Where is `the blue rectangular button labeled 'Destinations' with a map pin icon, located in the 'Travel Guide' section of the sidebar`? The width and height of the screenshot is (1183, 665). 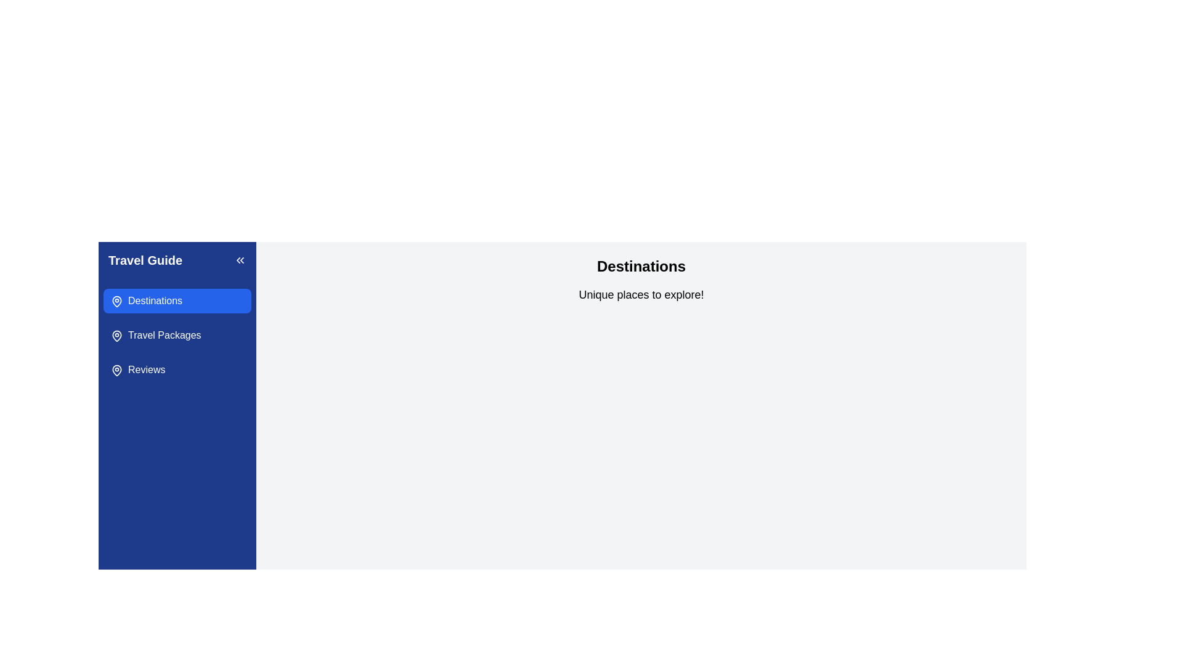 the blue rectangular button labeled 'Destinations' with a map pin icon, located in the 'Travel Guide' section of the sidebar is located at coordinates (177, 301).